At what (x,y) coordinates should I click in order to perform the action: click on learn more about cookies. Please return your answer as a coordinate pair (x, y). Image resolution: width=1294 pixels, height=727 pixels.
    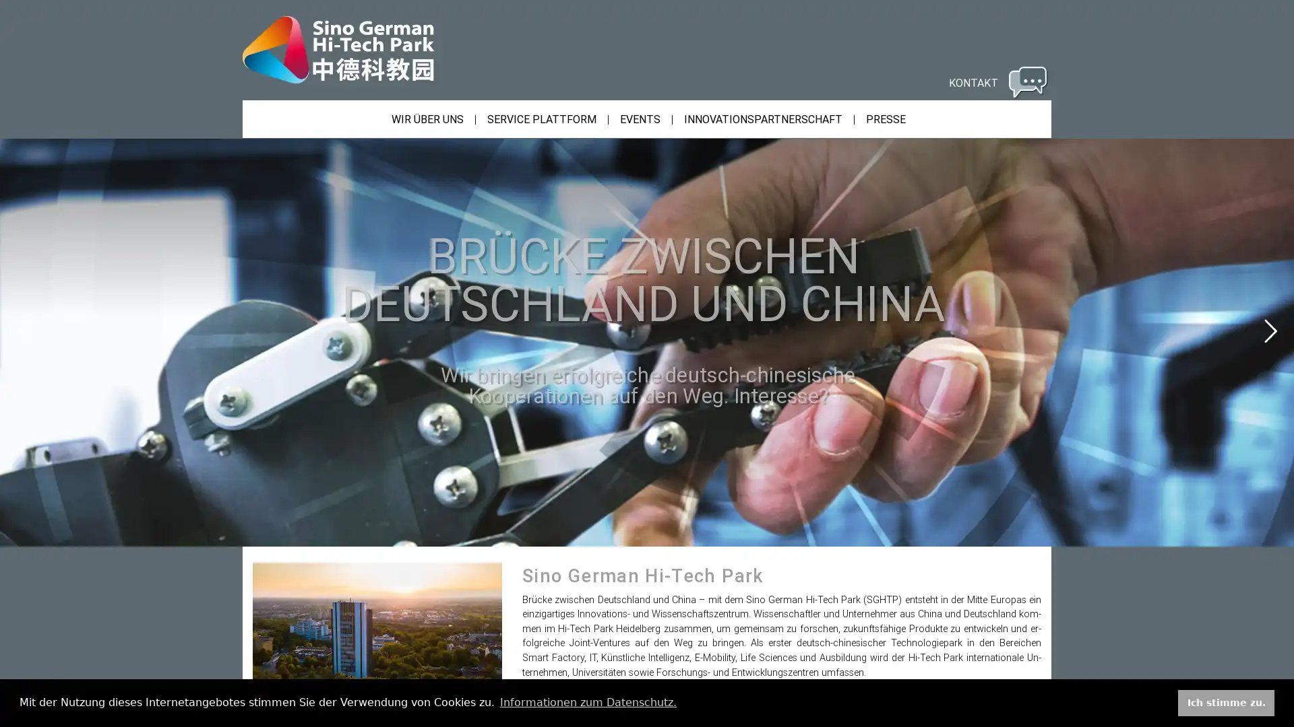
    Looking at the image, I should click on (588, 702).